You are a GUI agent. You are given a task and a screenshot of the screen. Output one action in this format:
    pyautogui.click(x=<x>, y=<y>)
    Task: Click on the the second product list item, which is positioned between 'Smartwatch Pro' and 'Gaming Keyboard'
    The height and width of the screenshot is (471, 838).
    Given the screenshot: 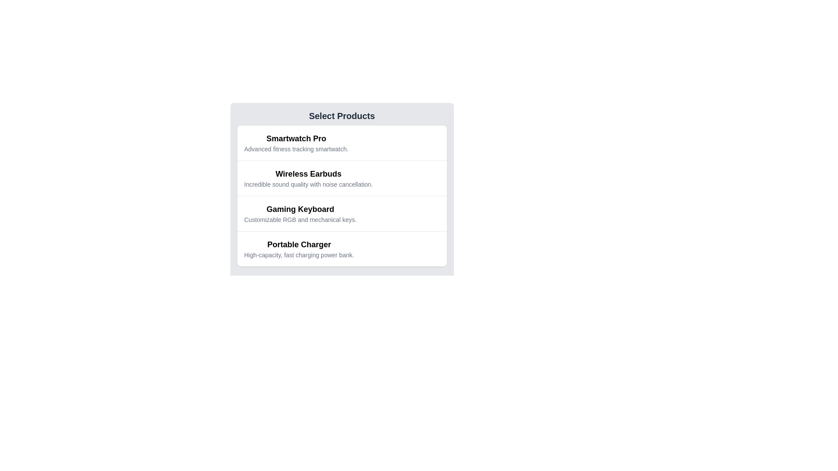 What is the action you would take?
    pyautogui.click(x=341, y=178)
    